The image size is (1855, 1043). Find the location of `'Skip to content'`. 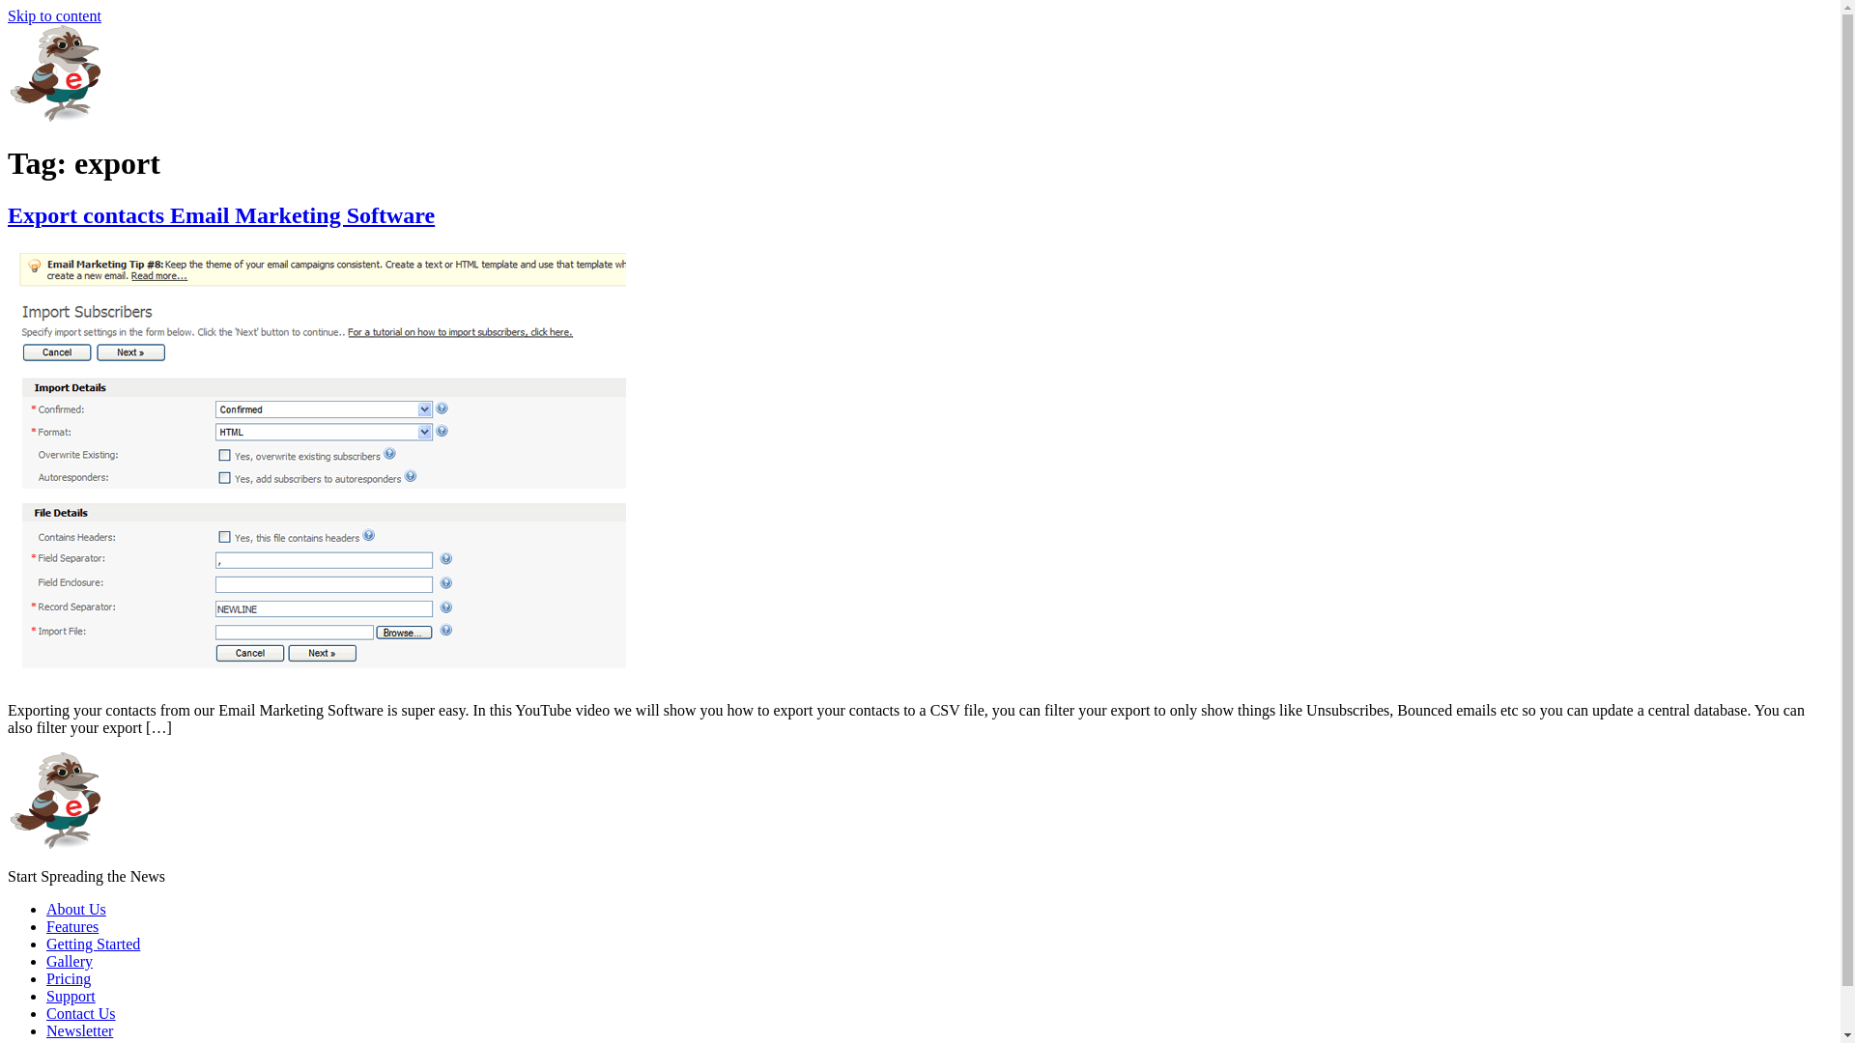

'Skip to content' is located at coordinates (54, 15).